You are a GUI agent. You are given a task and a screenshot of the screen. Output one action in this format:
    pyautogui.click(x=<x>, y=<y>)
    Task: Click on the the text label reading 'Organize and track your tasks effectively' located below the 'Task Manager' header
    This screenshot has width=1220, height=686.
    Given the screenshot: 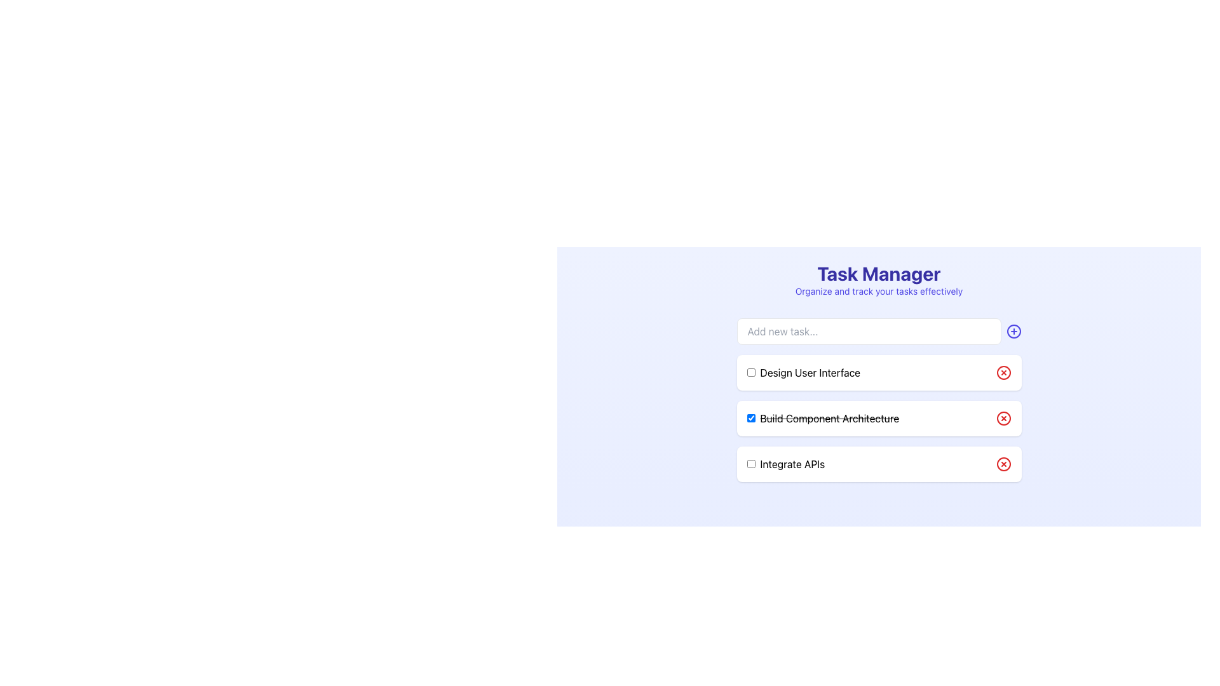 What is the action you would take?
    pyautogui.click(x=878, y=292)
    